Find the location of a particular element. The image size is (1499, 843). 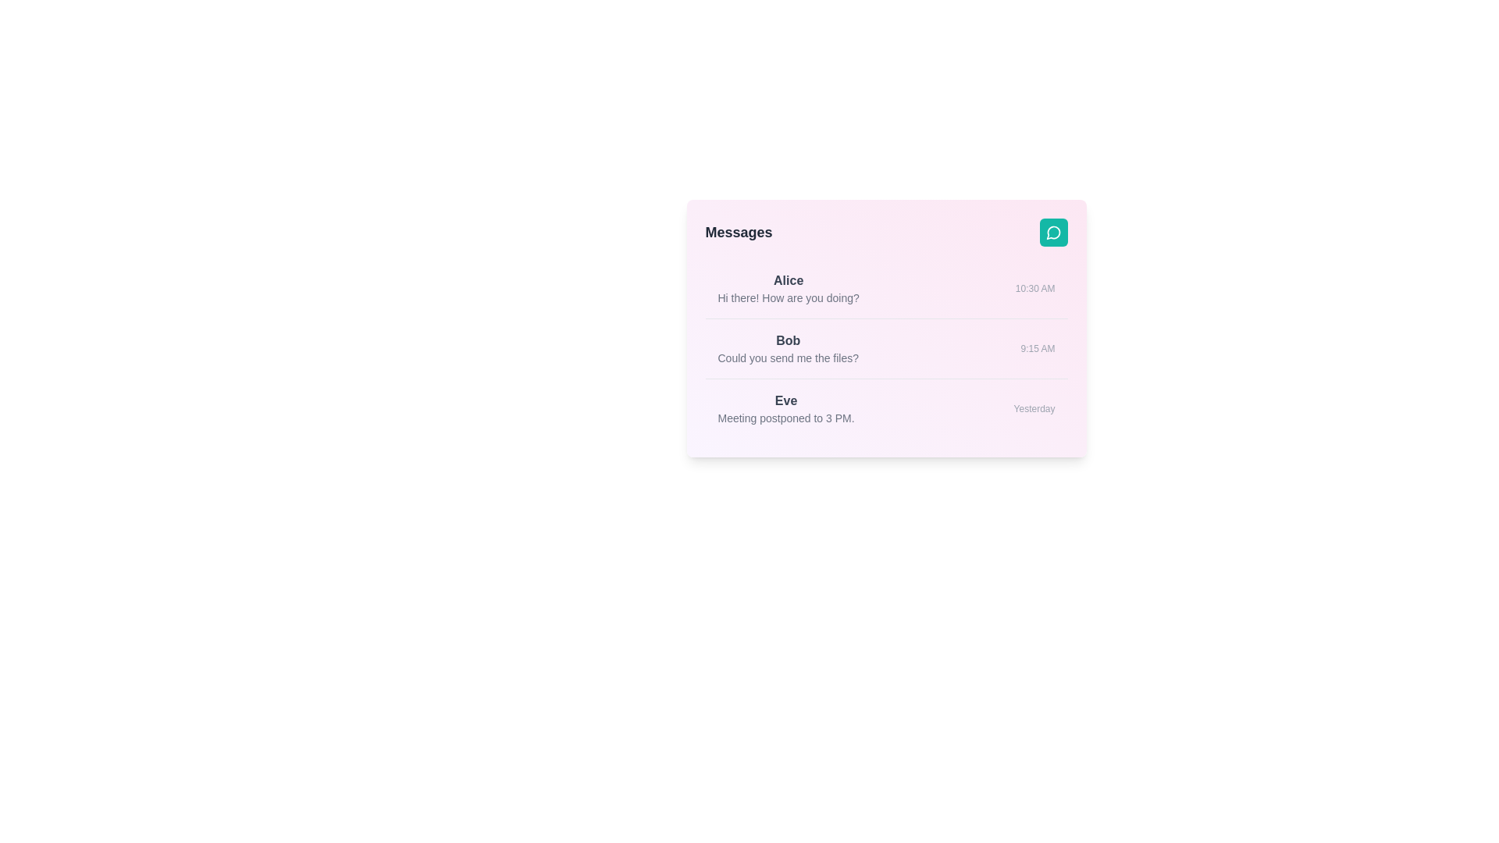

the conversation item corresponding to Eve is located at coordinates (886, 407).